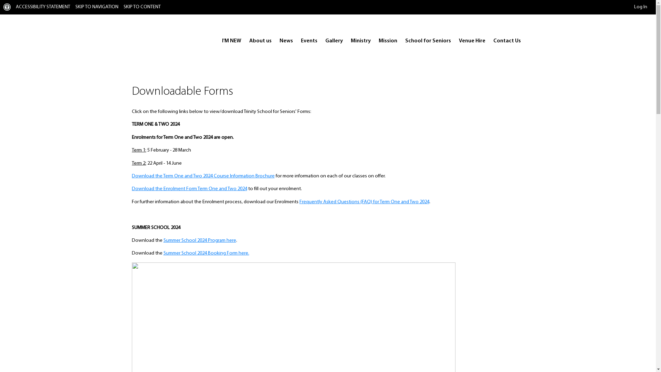 The width and height of the screenshot is (661, 372). Describe the element at coordinates (260, 41) in the screenshot. I see `'About us'` at that location.